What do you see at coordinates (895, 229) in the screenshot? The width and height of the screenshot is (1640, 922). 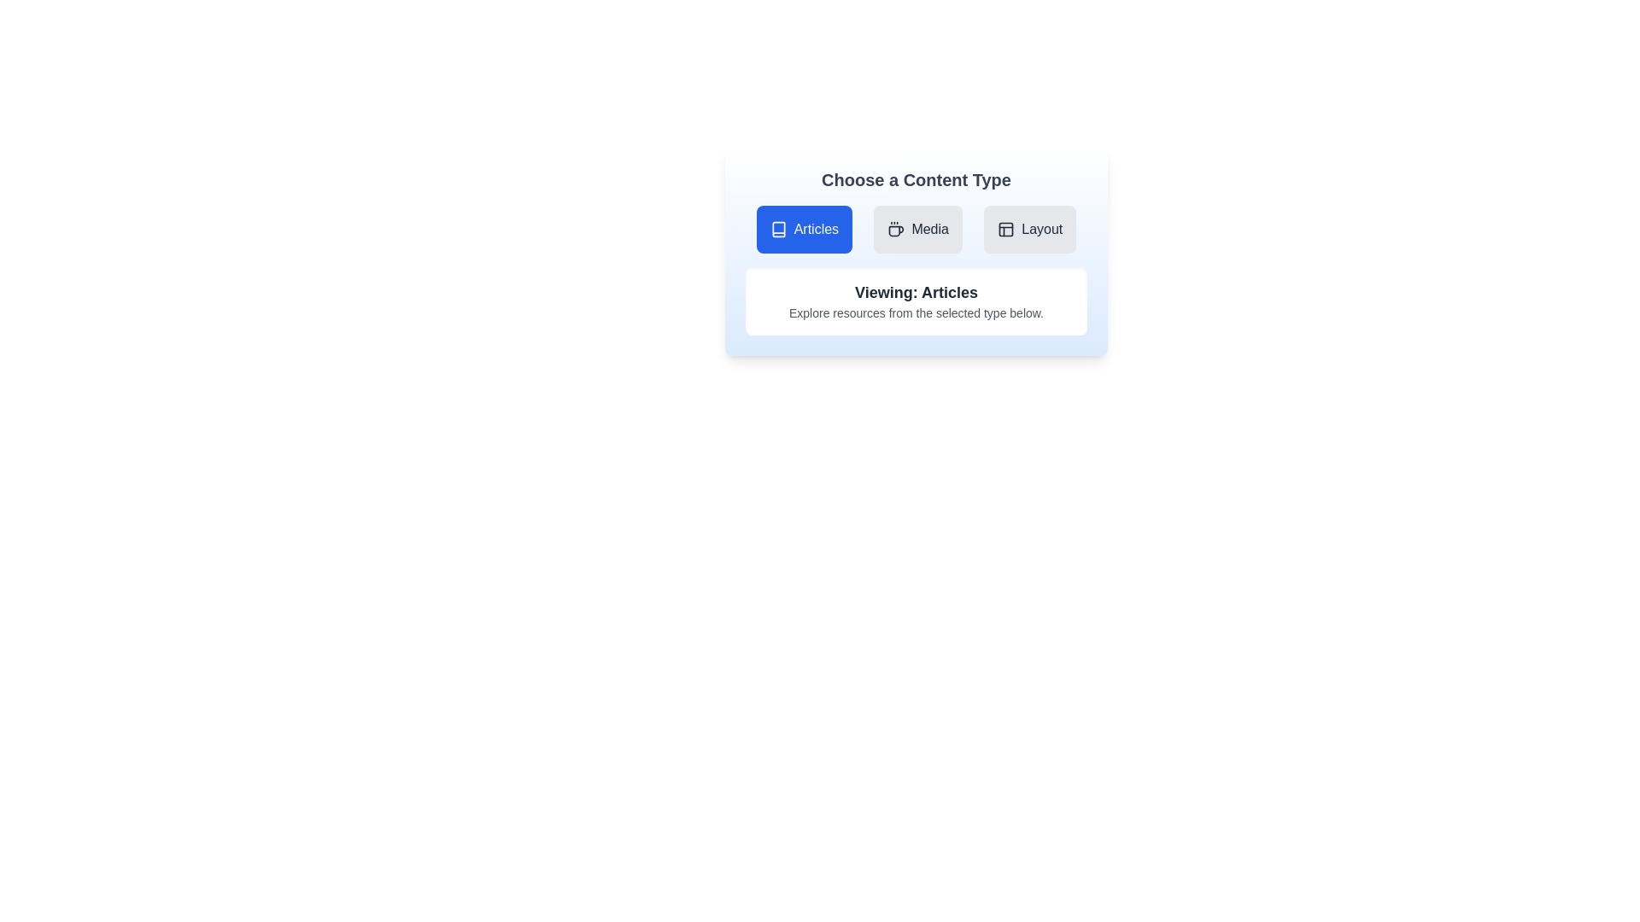 I see `the decorative icon that emphasizes the 'Media' category located in the center of the interface` at bounding box center [895, 229].